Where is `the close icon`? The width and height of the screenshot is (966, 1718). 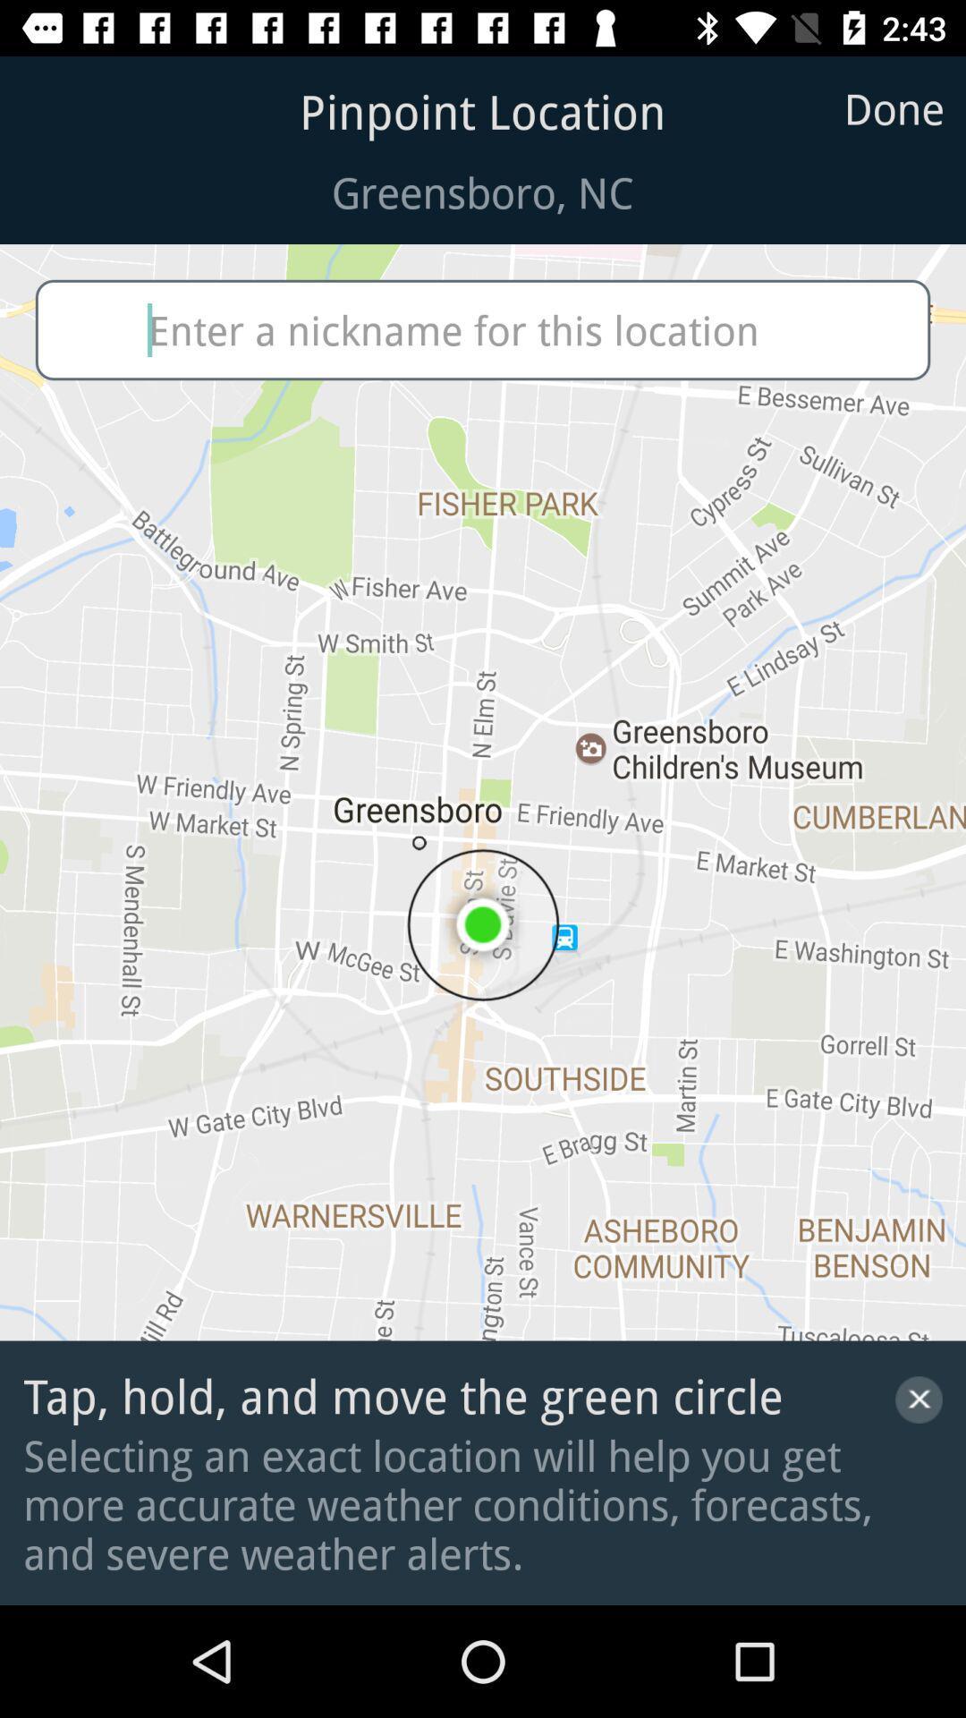
the close icon is located at coordinates (919, 1399).